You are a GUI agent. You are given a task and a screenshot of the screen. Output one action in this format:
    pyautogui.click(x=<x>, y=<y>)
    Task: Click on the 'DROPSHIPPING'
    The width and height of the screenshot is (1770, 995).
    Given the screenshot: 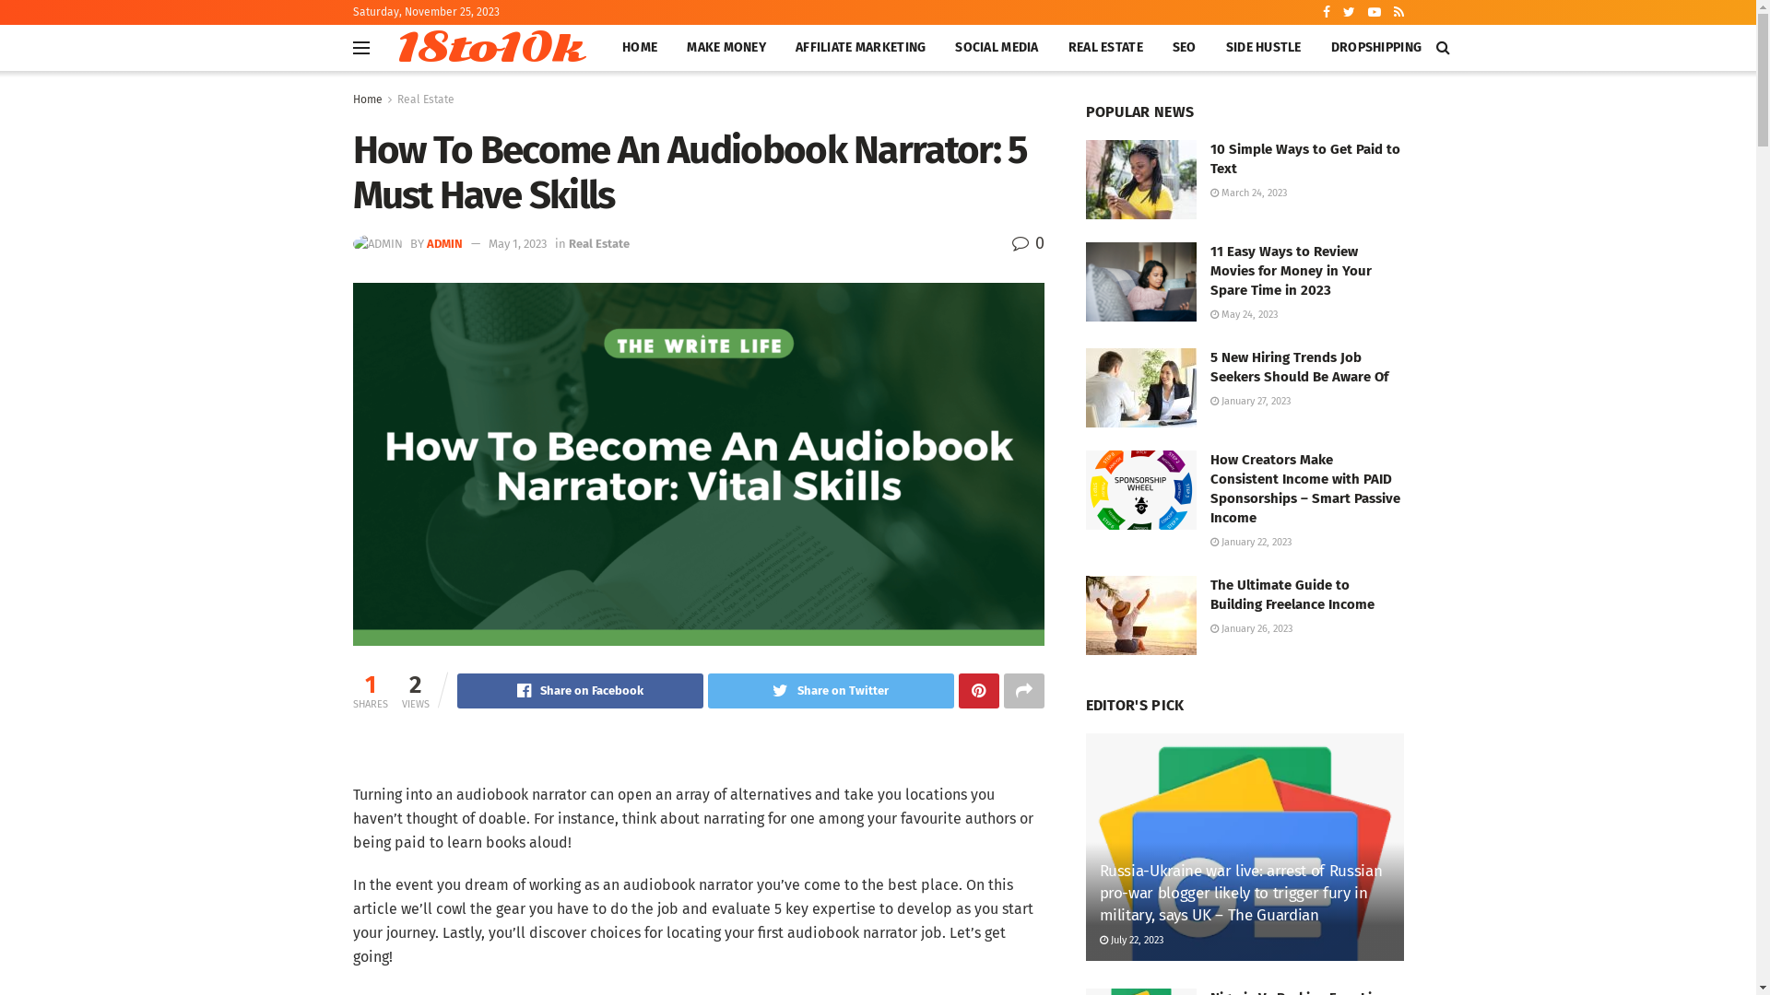 What is the action you would take?
    pyautogui.click(x=1375, y=46)
    